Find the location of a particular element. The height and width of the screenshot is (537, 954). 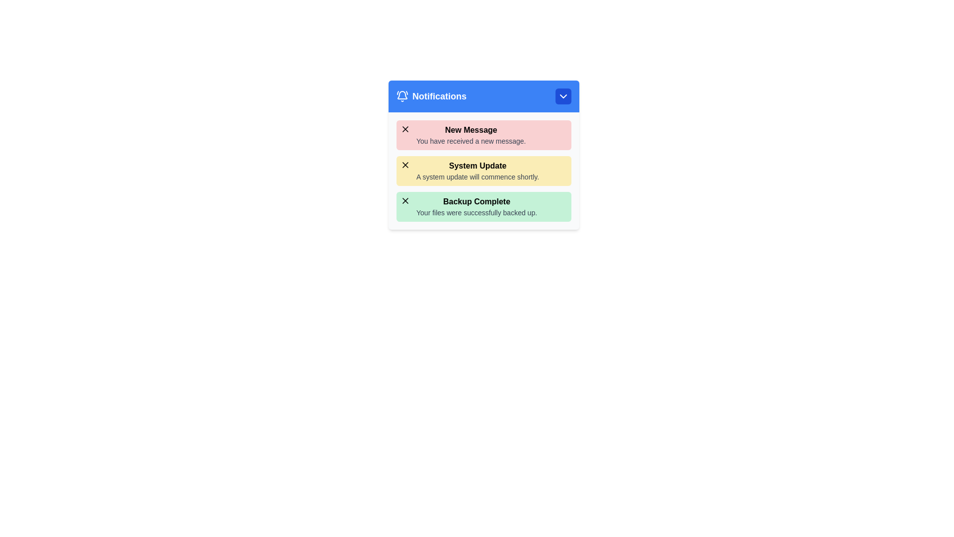

notification text from the middle notification box in the notification panel that has a light yellow background and contains the text 'System Update' is located at coordinates (484, 170).